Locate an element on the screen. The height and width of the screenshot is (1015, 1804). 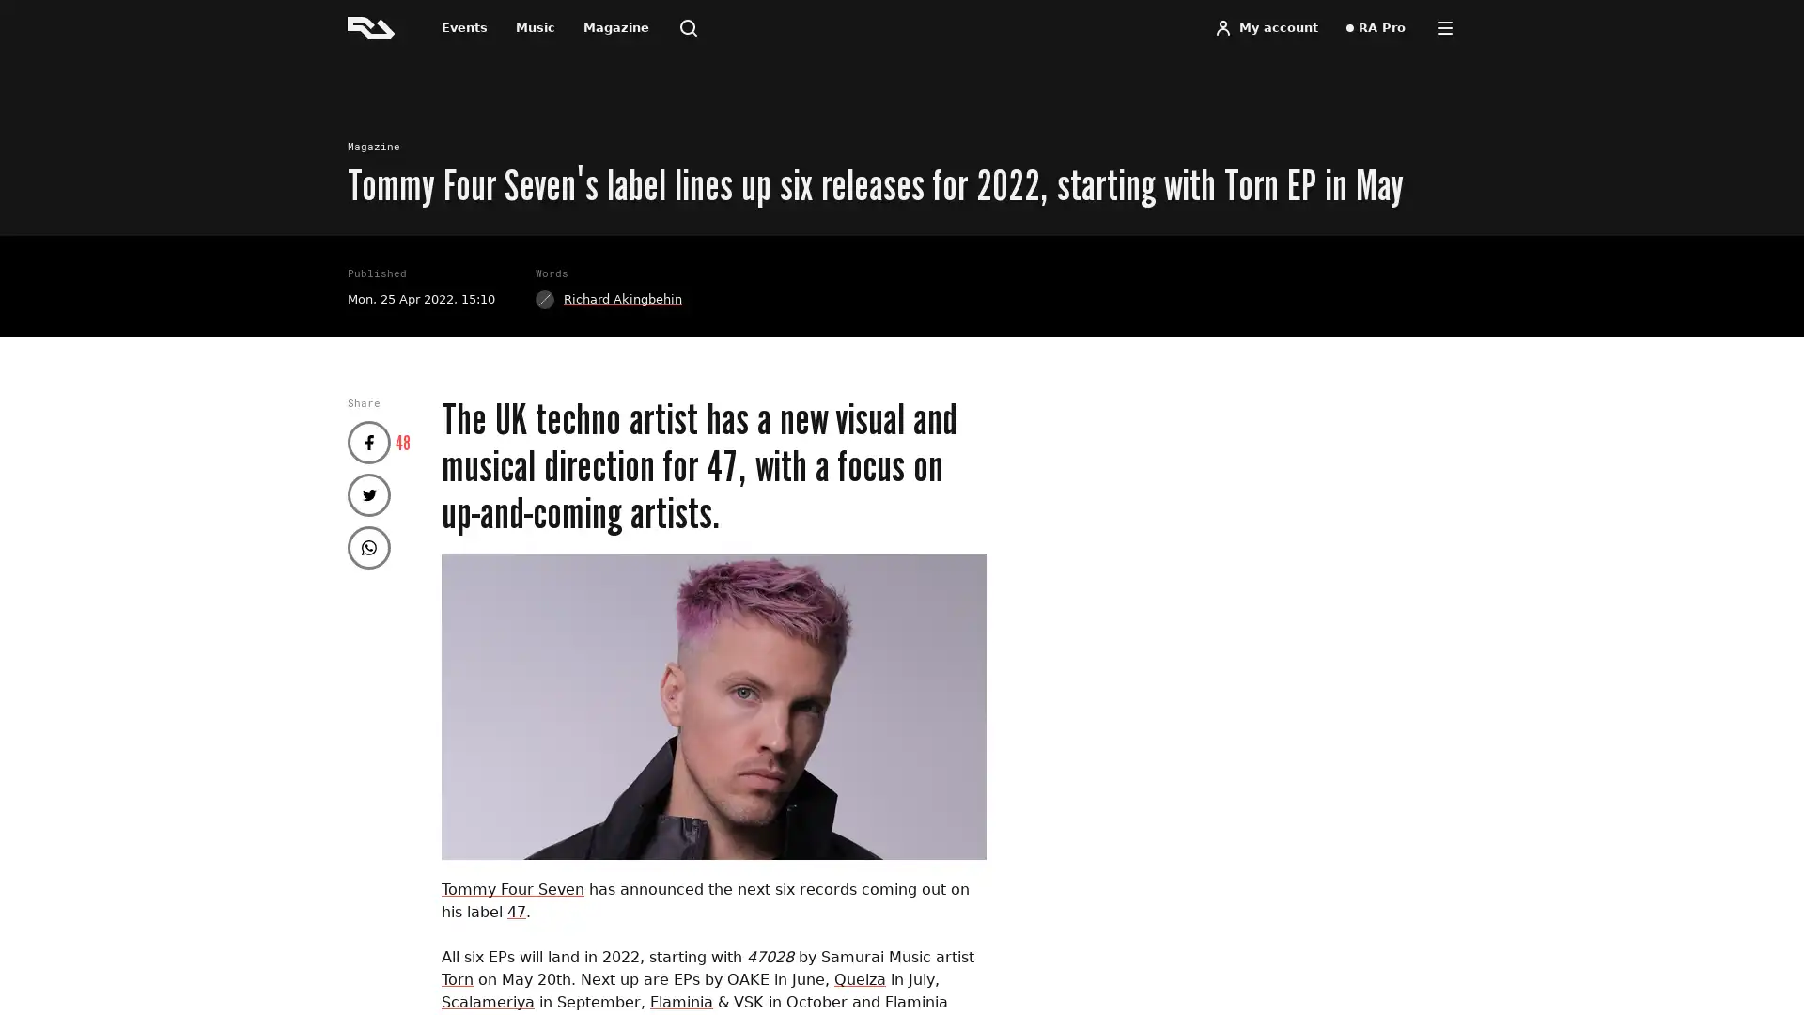
whatsapp is located at coordinates (369, 547).